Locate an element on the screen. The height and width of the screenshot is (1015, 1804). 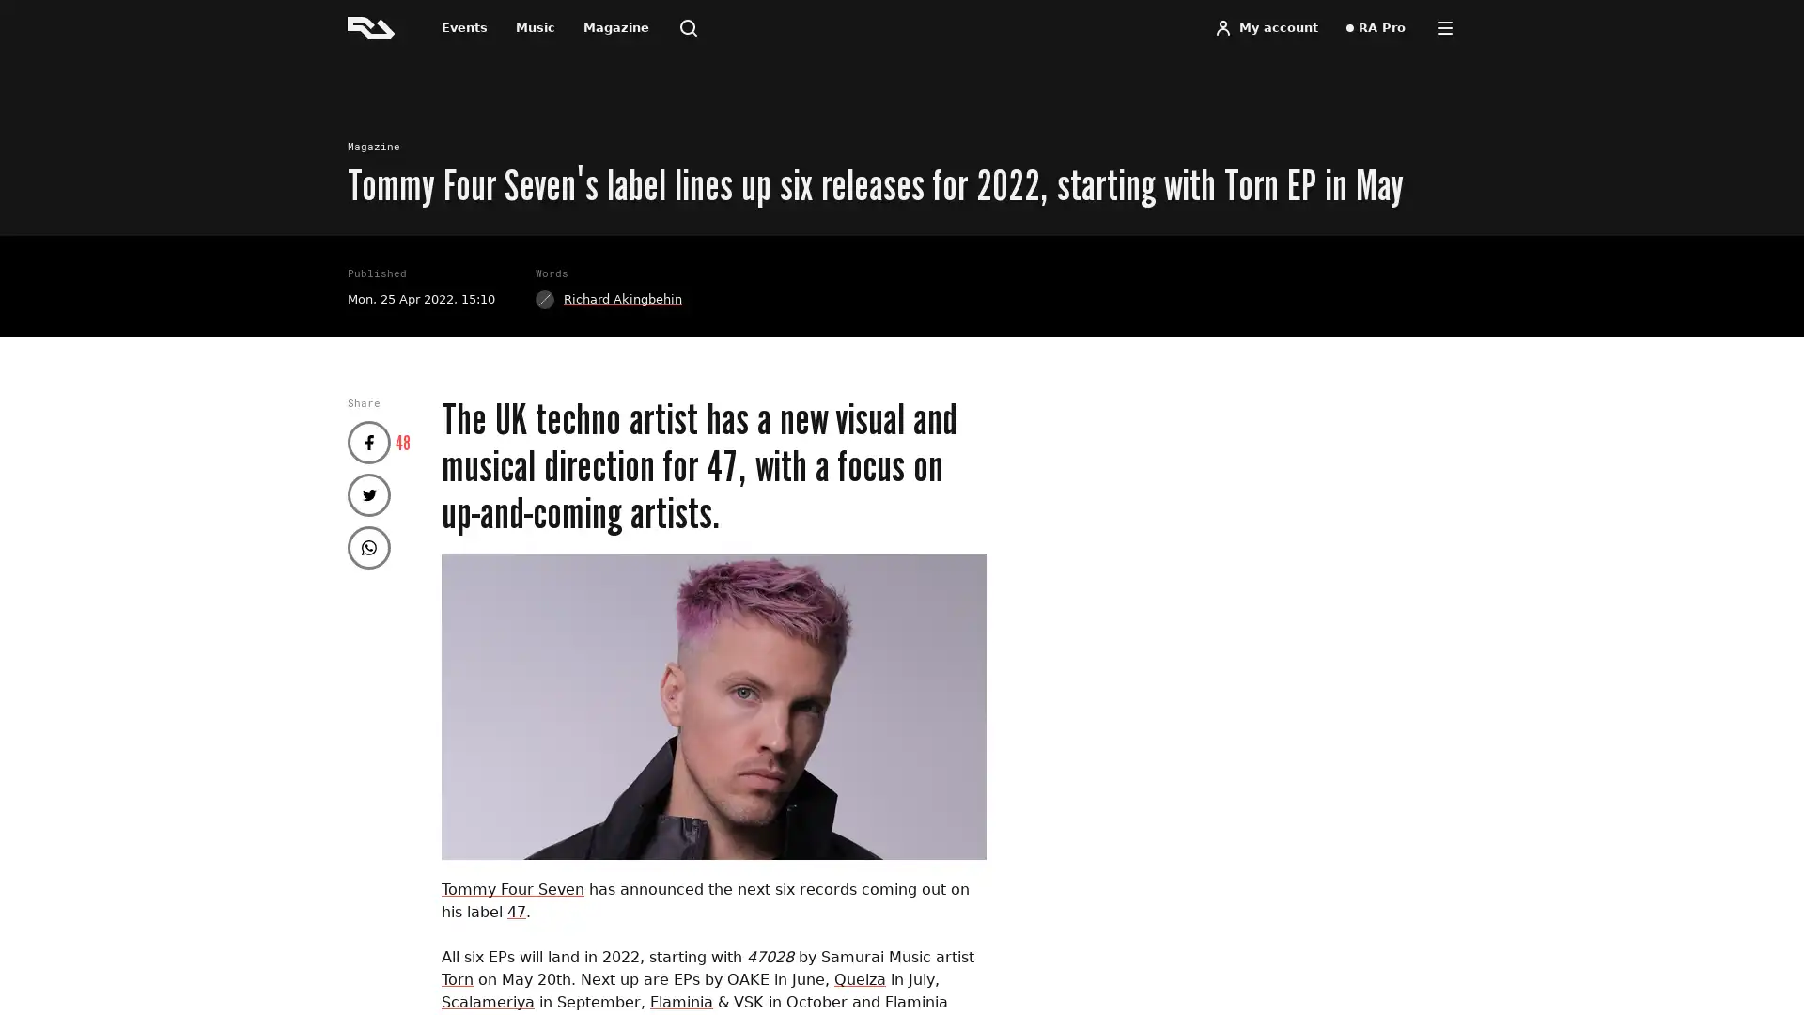
whatsapp is located at coordinates (369, 547).